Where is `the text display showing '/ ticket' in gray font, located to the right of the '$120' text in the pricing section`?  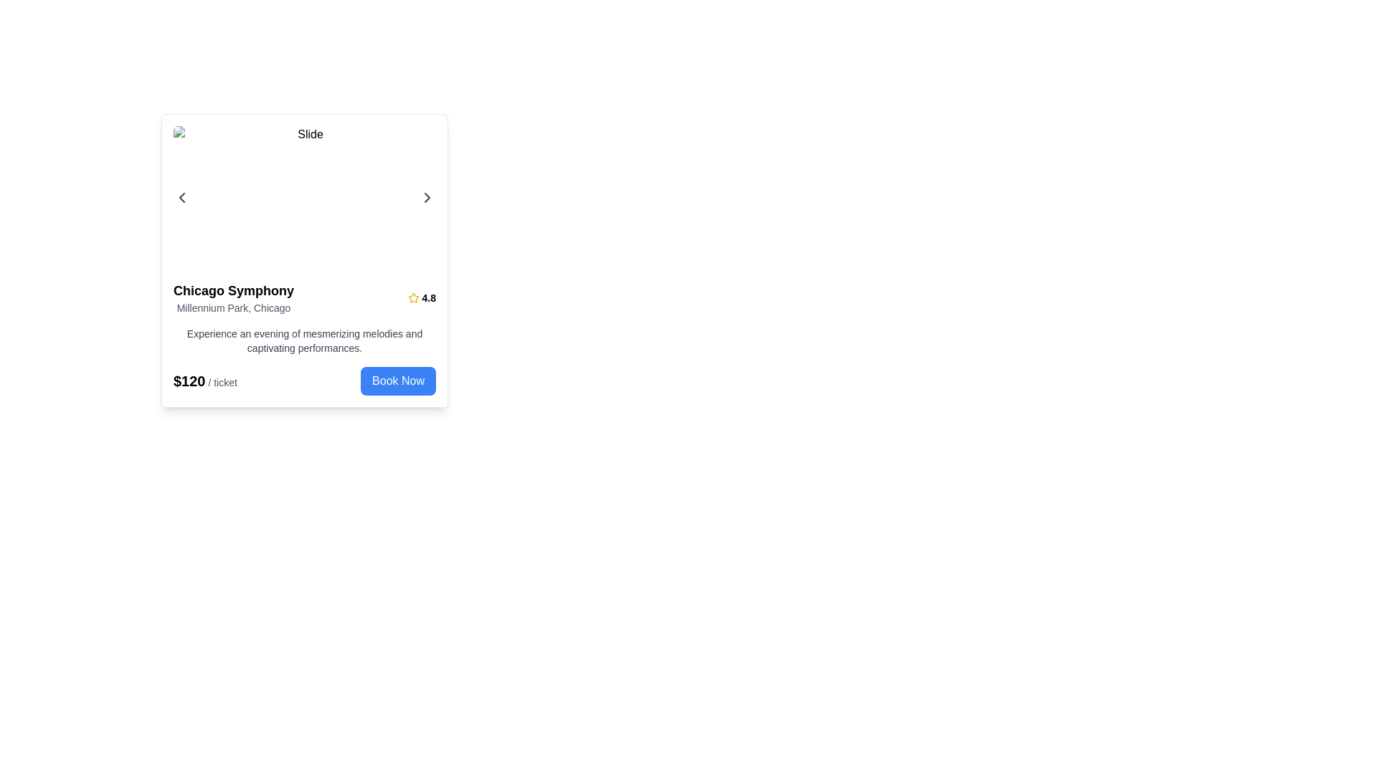
the text display showing '/ ticket' in gray font, located to the right of the '$120' text in the pricing section is located at coordinates (220, 381).